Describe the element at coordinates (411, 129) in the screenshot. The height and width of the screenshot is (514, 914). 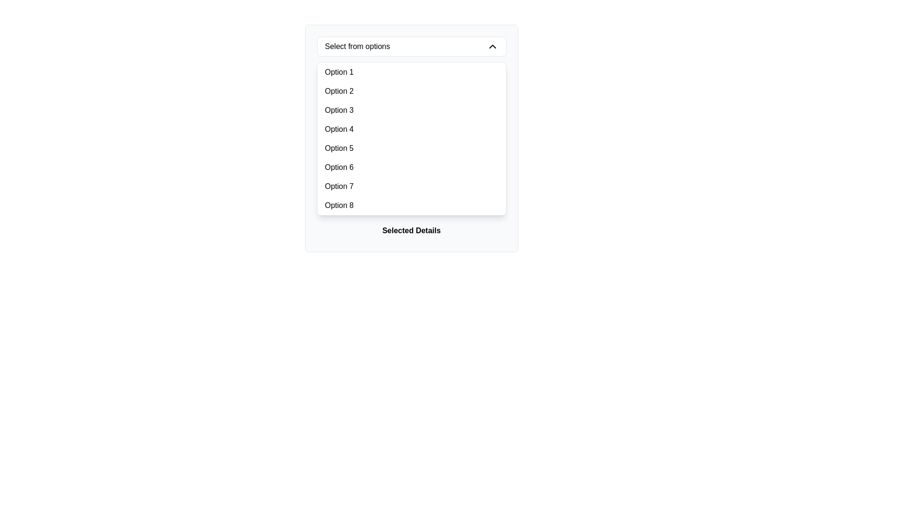
I see `the fourth list item in the dropdown menu labeled 'Option 4'` at that location.